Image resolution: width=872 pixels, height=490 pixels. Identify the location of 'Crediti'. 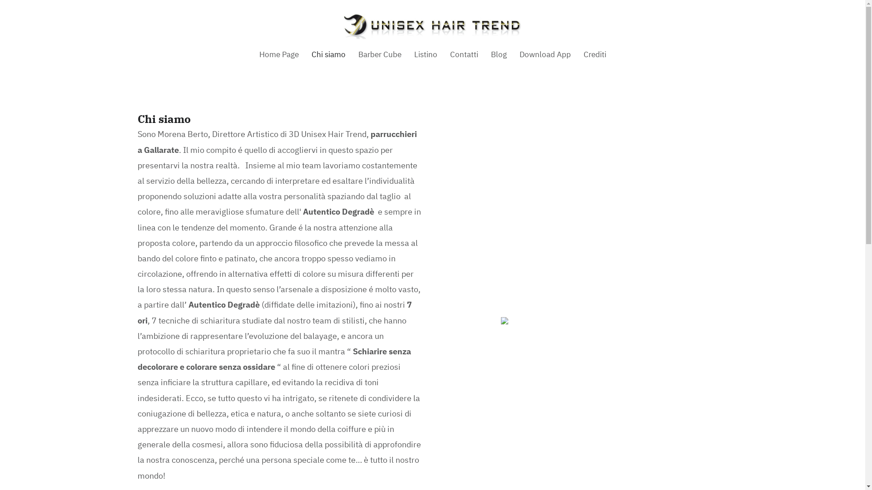
(595, 54).